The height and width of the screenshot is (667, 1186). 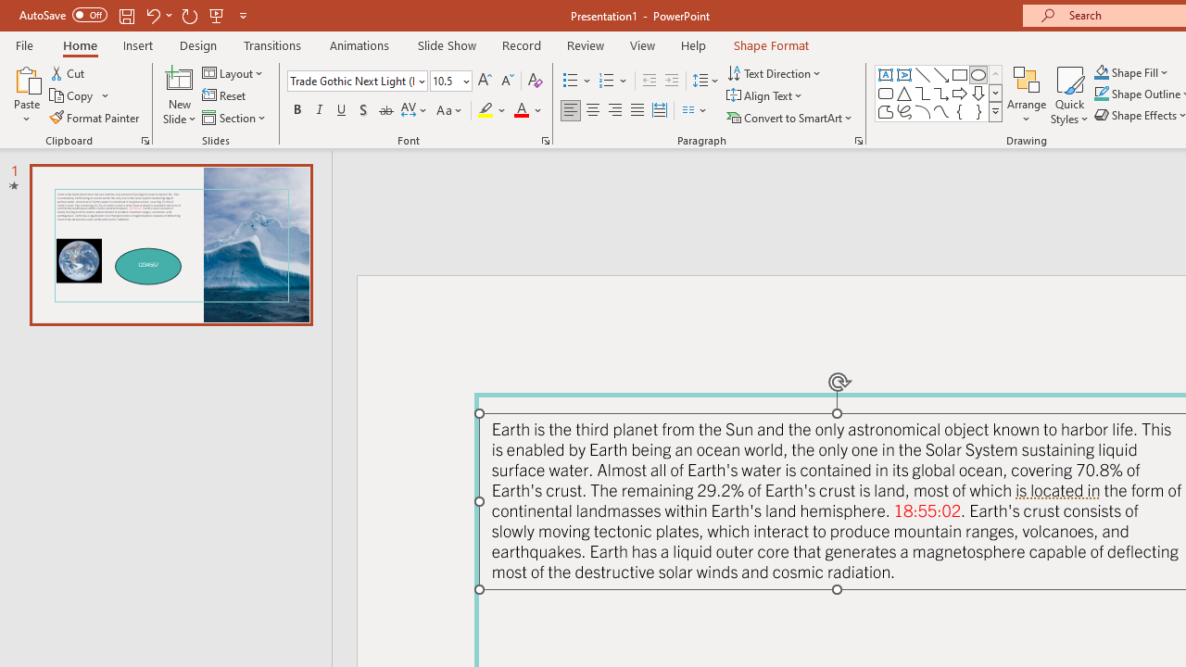 I want to click on 'Font', so click(x=357, y=80).